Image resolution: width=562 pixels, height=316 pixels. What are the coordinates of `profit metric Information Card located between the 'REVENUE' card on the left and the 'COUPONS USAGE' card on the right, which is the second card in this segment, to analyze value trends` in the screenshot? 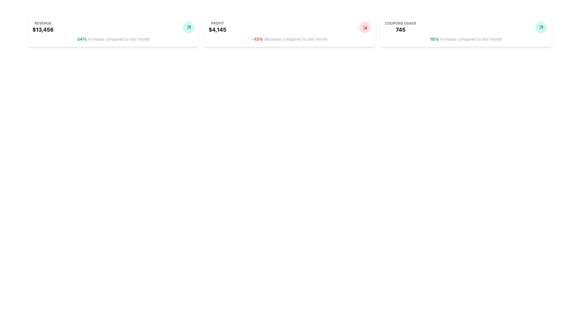 It's located at (289, 32).